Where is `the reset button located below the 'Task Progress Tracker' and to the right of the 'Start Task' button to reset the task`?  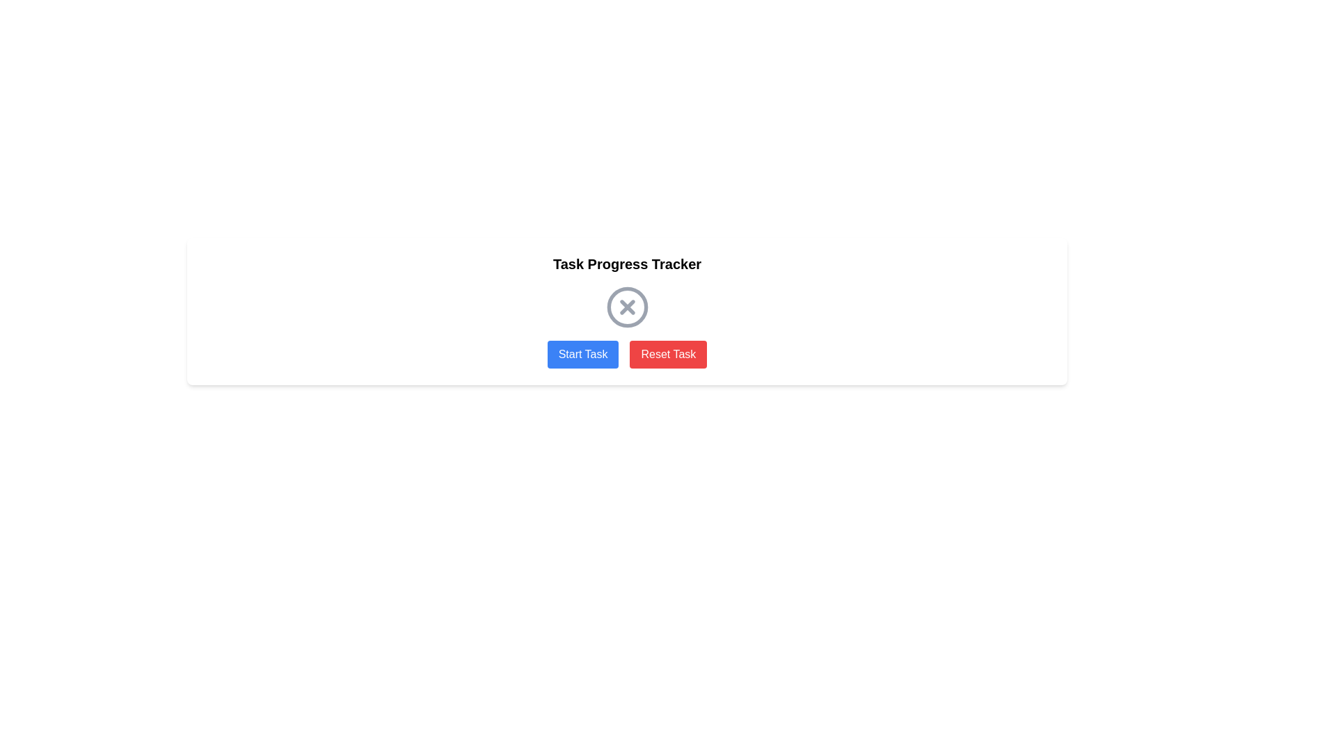 the reset button located below the 'Task Progress Tracker' and to the right of the 'Start Task' button to reset the task is located at coordinates (668, 353).